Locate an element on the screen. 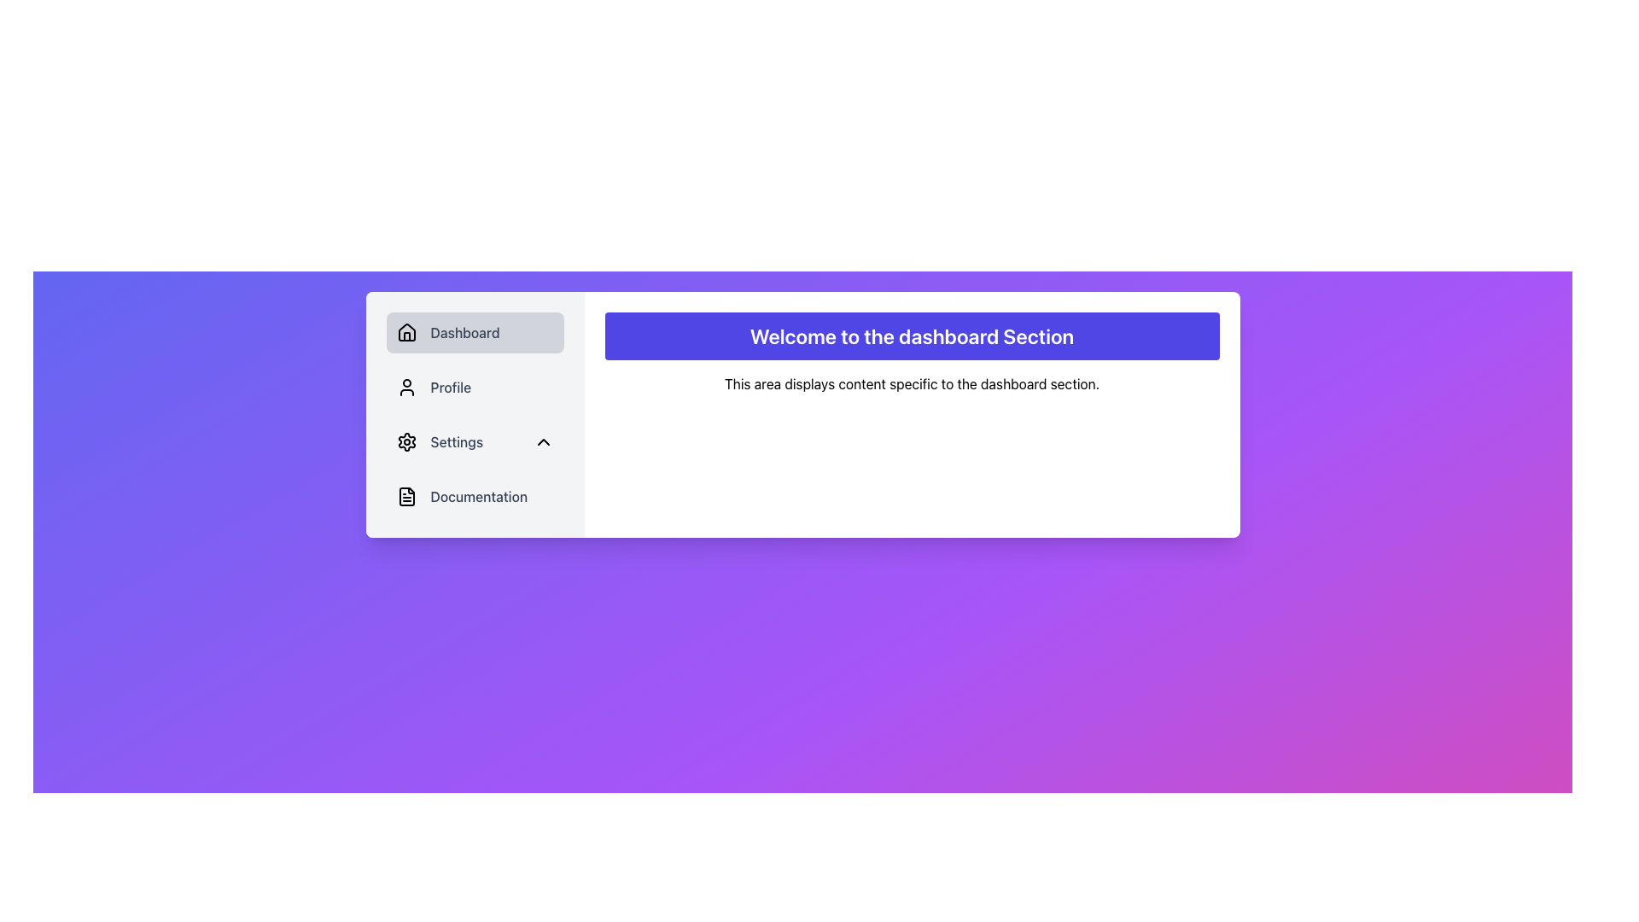 The width and height of the screenshot is (1639, 922). the upward chevron icon located to the right of the 'Settings' label is located at coordinates (542, 441).